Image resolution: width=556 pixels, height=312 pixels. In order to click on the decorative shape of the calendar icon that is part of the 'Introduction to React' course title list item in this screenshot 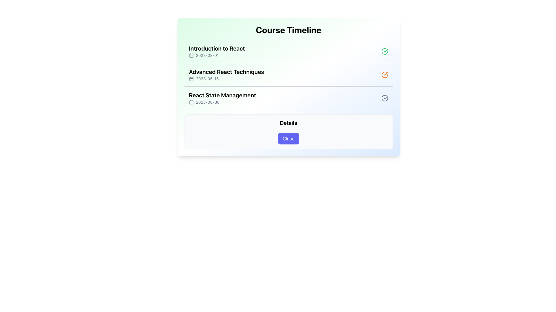, I will do `click(191, 55)`.